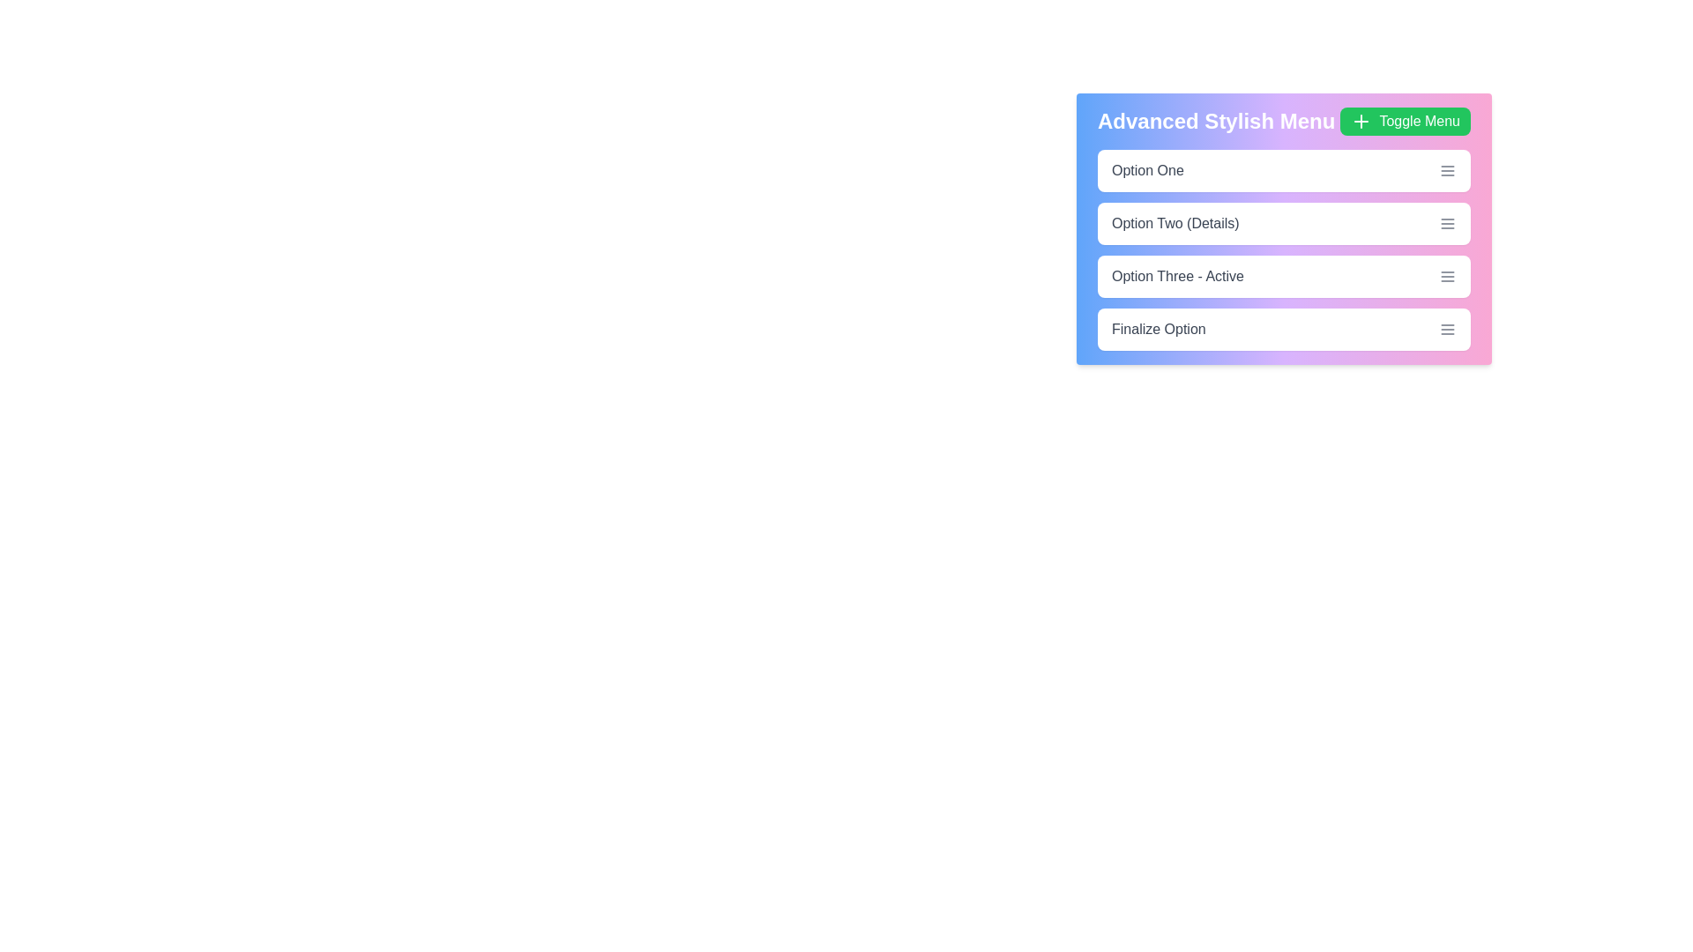  Describe the element at coordinates (1447, 276) in the screenshot. I see `the menu icon next to Option Three - Active` at that location.